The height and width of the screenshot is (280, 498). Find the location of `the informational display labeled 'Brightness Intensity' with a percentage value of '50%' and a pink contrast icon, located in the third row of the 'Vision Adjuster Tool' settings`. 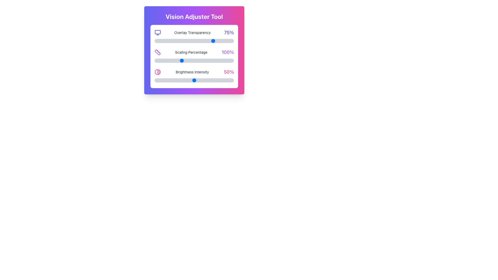

the informational display labeled 'Brightness Intensity' with a percentage value of '50%' and a pink contrast icon, located in the third row of the 'Vision Adjuster Tool' settings is located at coordinates (194, 72).